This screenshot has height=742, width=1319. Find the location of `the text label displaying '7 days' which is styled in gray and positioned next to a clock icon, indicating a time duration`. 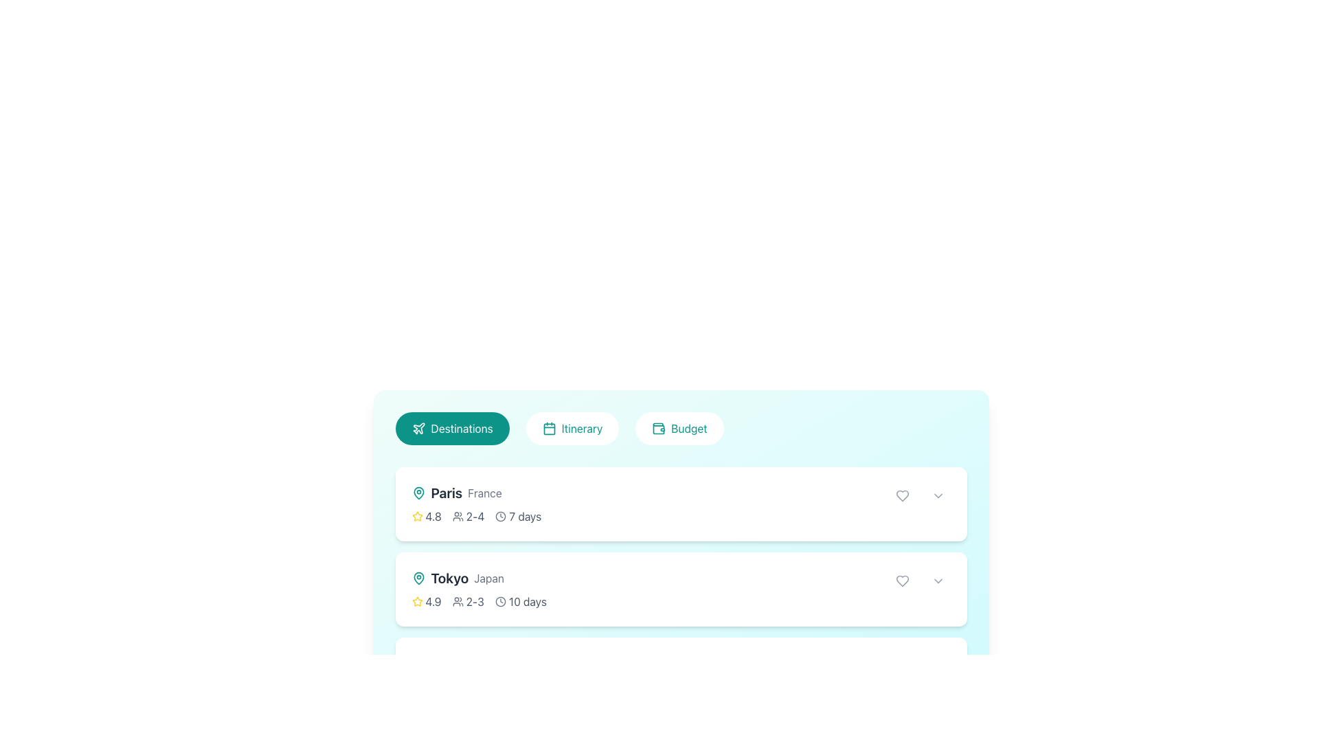

the text label displaying '7 days' which is styled in gray and positioned next to a clock icon, indicating a time duration is located at coordinates (524, 517).